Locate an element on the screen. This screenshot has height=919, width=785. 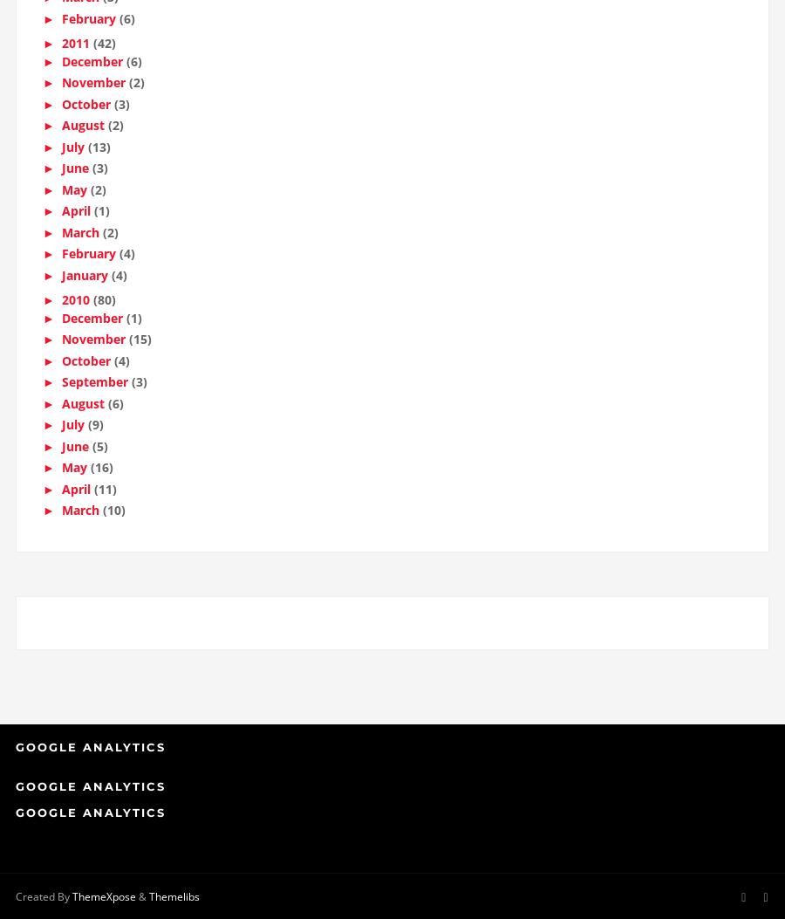
'(15)' is located at coordinates (140, 345).